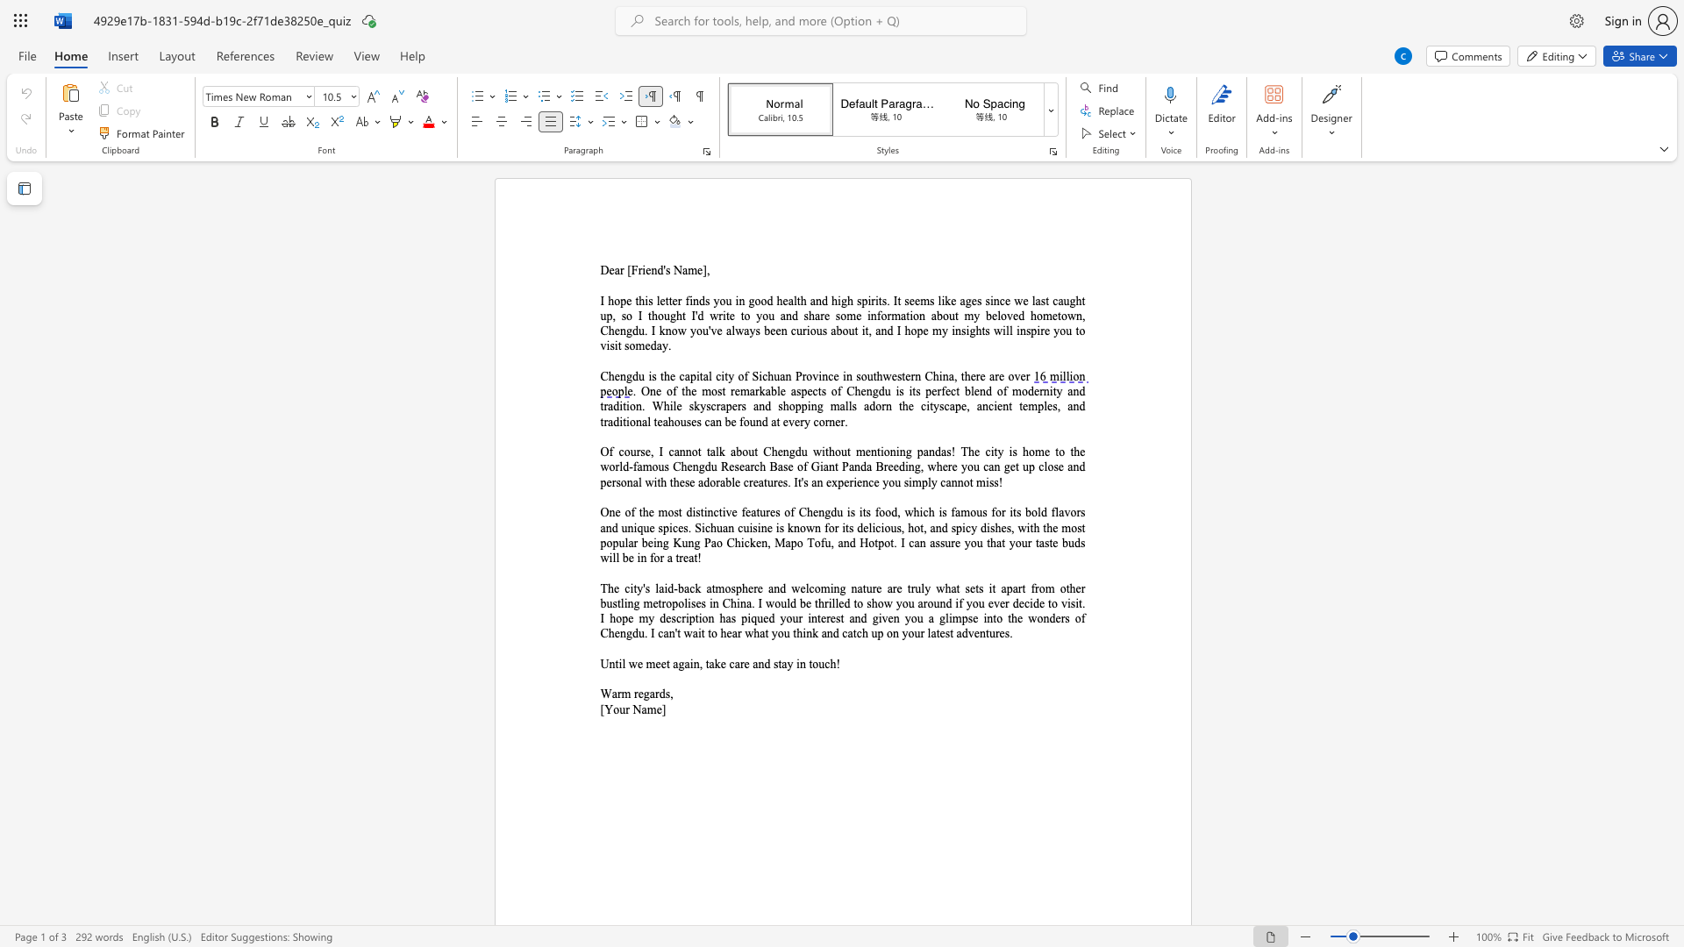 The height and width of the screenshot is (947, 1684). Describe the element at coordinates (716, 406) in the screenshot. I see `the space between the continuous character "c" and "r" in the text` at that location.